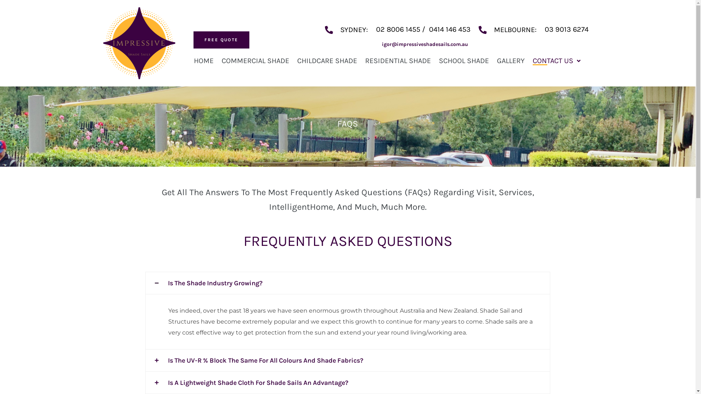 Image resolution: width=701 pixels, height=394 pixels. What do you see at coordinates (566, 29) in the screenshot?
I see `'03 9013 6274'` at bounding box center [566, 29].